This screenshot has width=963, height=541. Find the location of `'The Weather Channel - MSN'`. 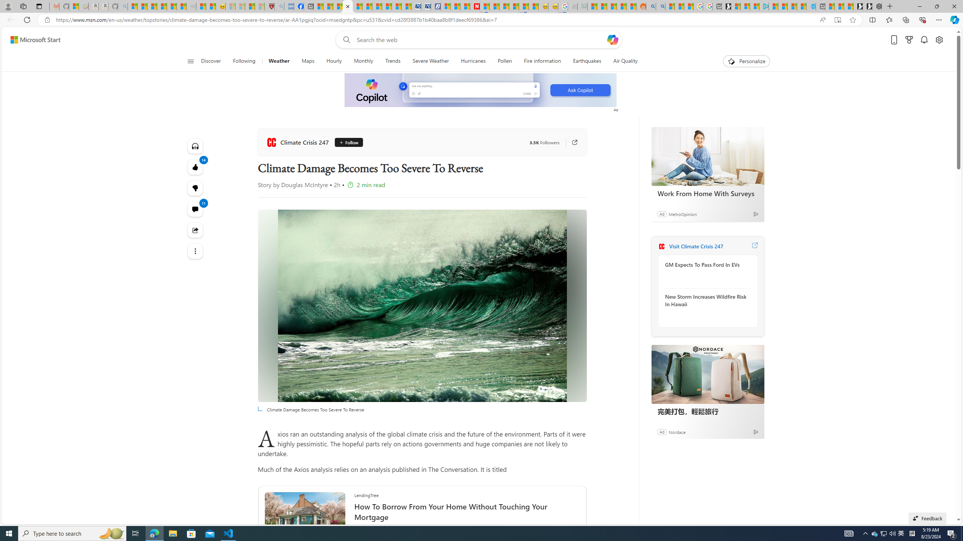

'The Weather Channel - MSN' is located at coordinates (152, 6).